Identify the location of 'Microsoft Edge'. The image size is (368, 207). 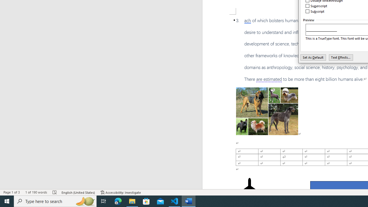
(118, 201).